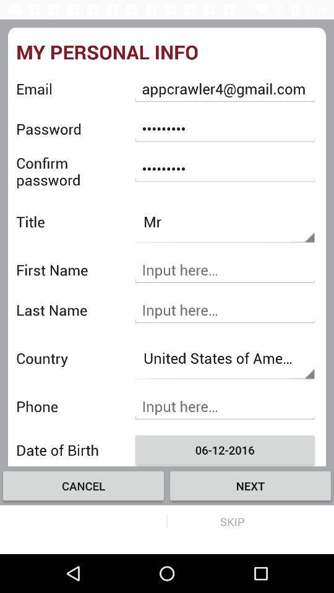 This screenshot has height=593, width=334. Describe the element at coordinates (224, 309) in the screenshot. I see `insert last name` at that location.